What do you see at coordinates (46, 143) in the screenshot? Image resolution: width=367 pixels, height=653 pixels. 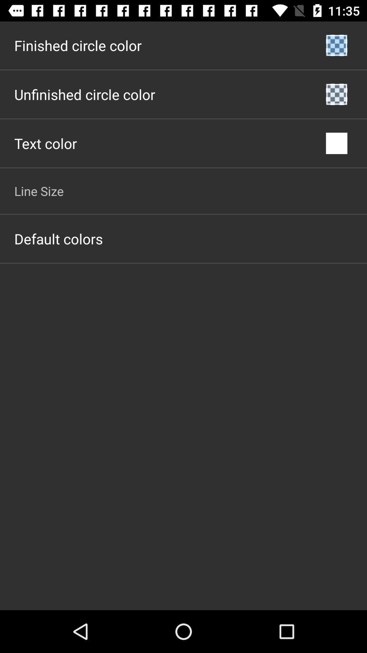 I see `the icon below the unfinished circle color icon` at bounding box center [46, 143].